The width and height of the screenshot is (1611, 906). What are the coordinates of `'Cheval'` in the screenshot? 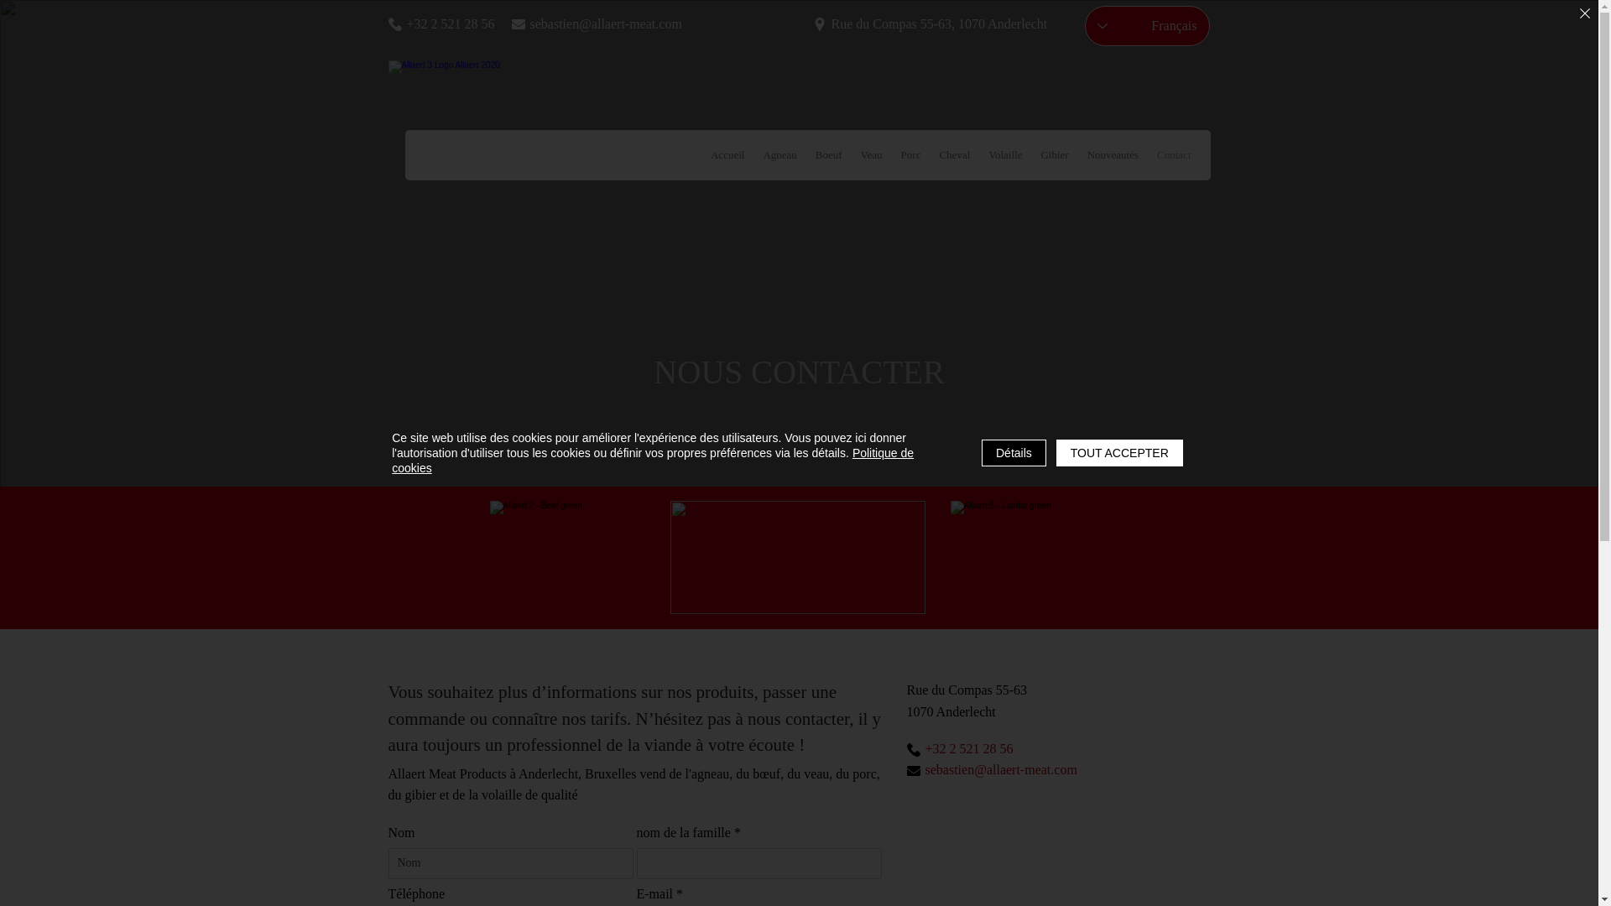 It's located at (954, 155).